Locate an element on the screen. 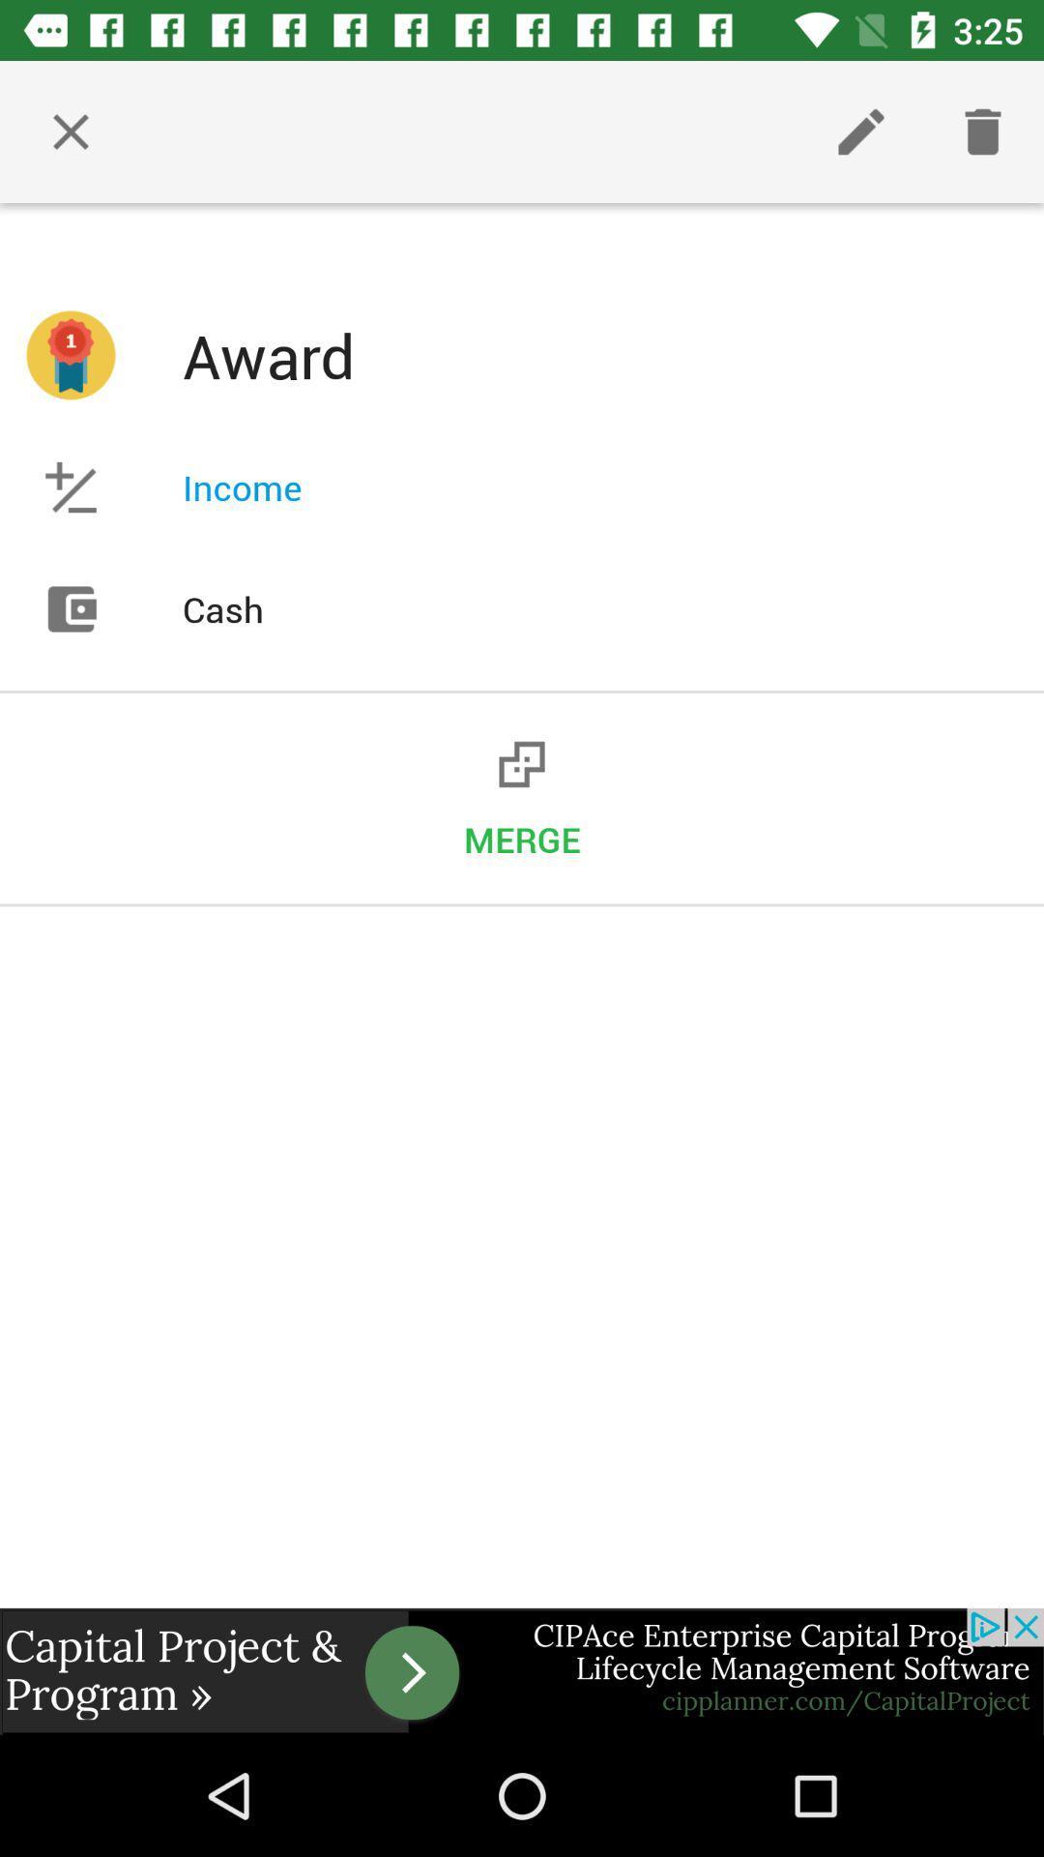 The width and height of the screenshot is (1044, 1857). the icon which is before cash is located at coordinates (70, 608).